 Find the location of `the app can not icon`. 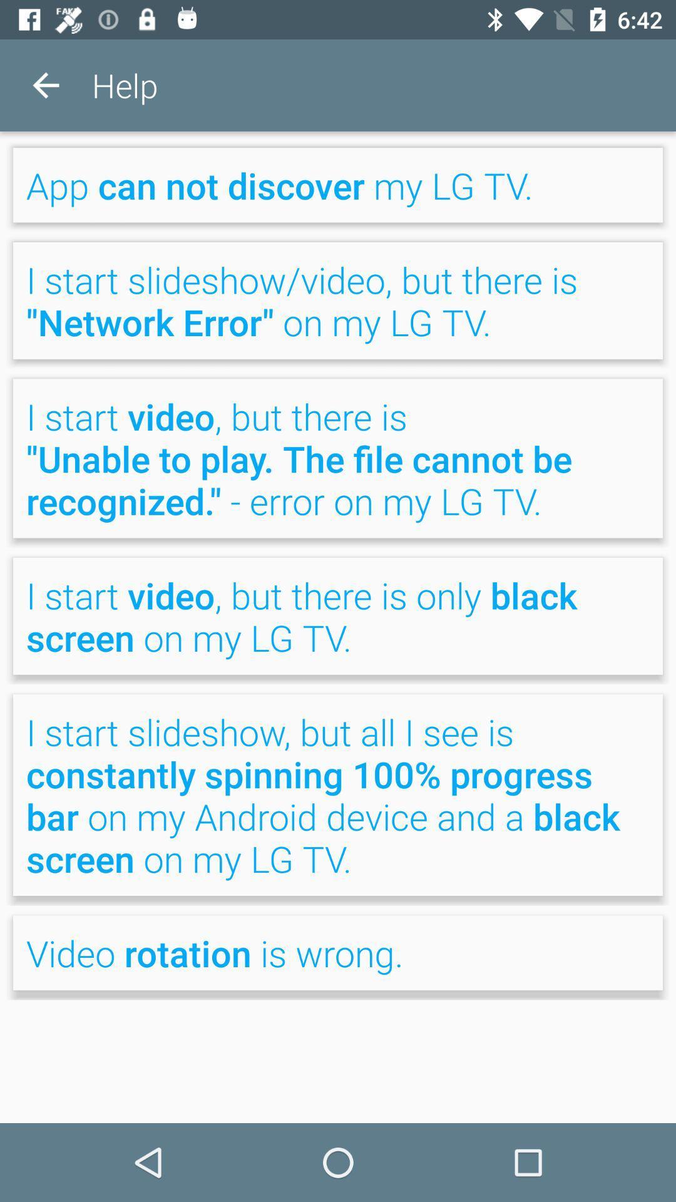

the app can not icon is located at coordinates (338, 184).